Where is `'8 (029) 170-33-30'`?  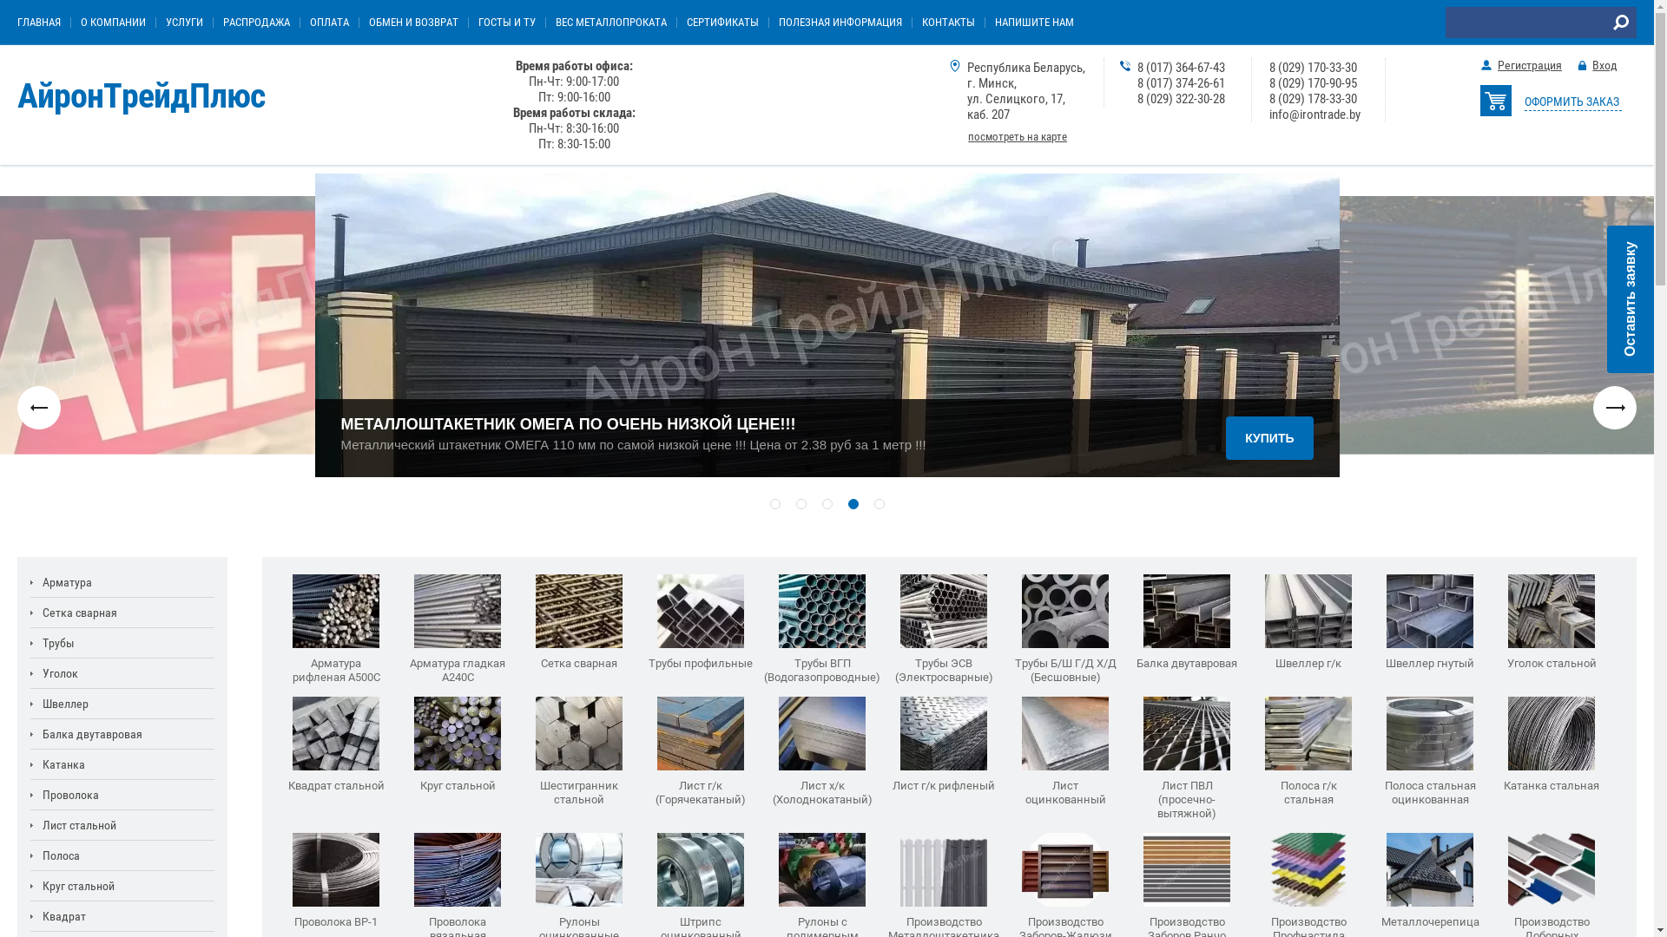 '8 (029) 170-33-30' is located at coordinates (1313, 66).